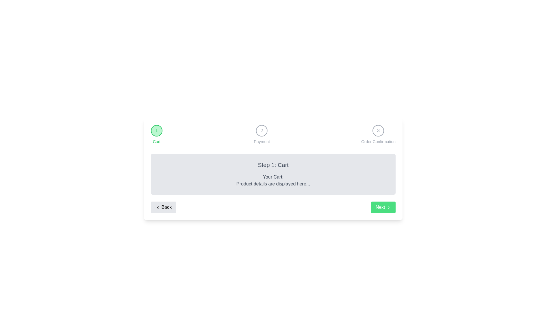  Describe the element at coordinates (378, 134) in the screenshot. I see `the stepper elements: Order Confirmation` at that location.